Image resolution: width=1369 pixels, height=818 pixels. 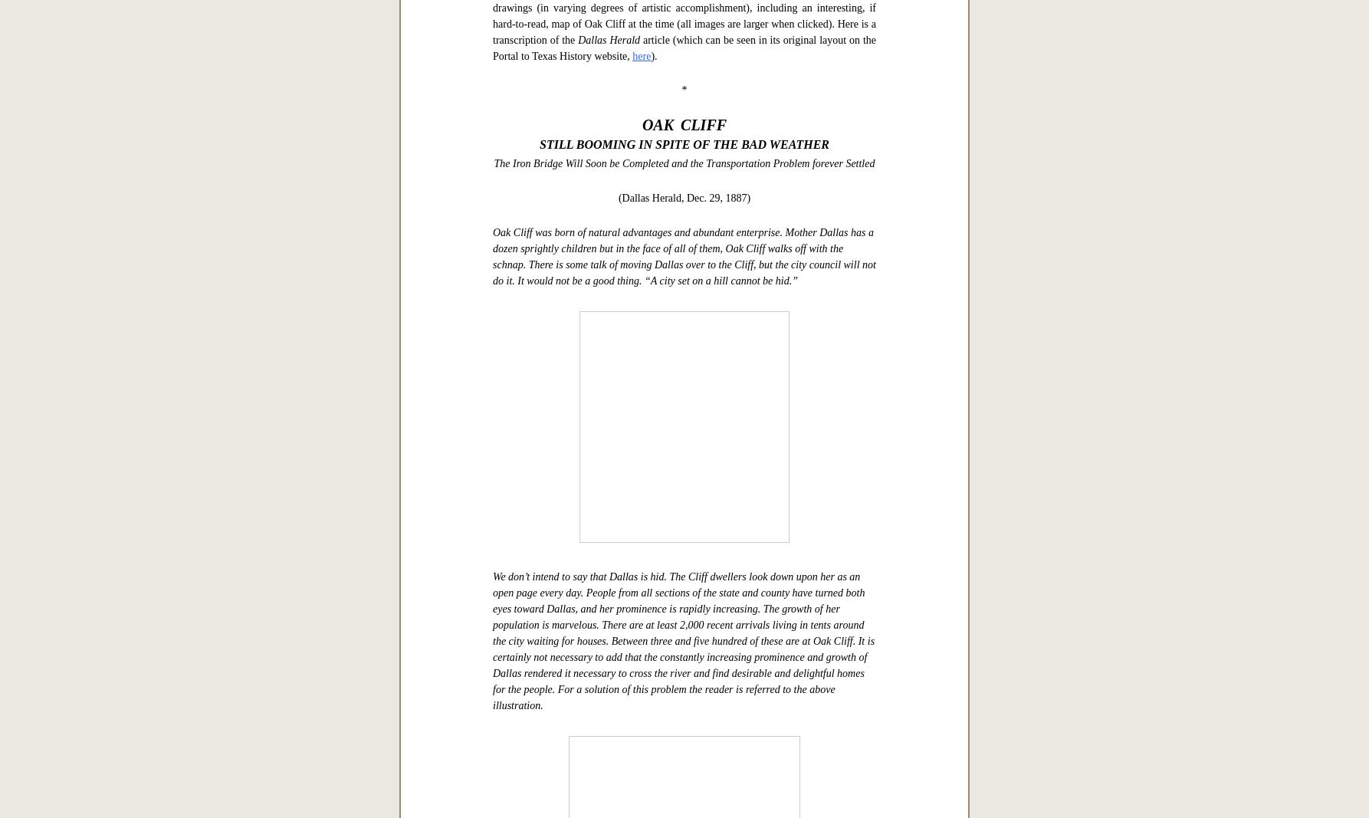 What do you see at coordinates (528, 440) in the screenshot?
I see `'ad'` at bounding box center [528, 440].